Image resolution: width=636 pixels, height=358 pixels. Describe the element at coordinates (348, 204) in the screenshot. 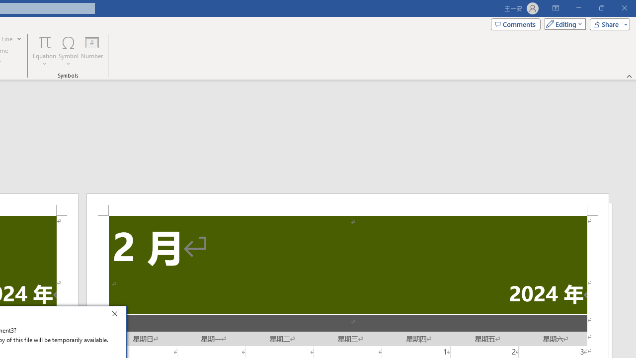

I see `'Header -Section 2-'` at that location.